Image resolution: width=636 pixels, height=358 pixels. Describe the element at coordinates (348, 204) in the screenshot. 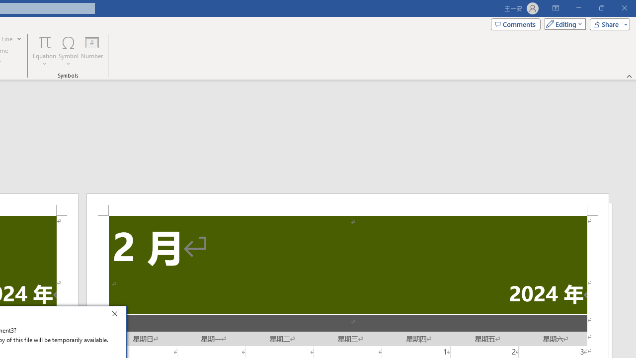

I see `'Header -Section 2-'` at that location.